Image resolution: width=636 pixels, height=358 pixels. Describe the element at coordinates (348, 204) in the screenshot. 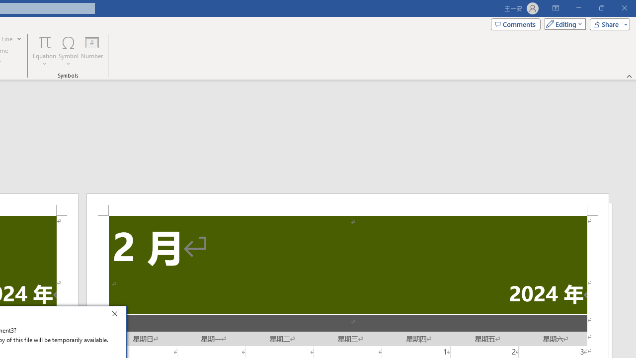

I see `'Header -Section 2-'` at that location.